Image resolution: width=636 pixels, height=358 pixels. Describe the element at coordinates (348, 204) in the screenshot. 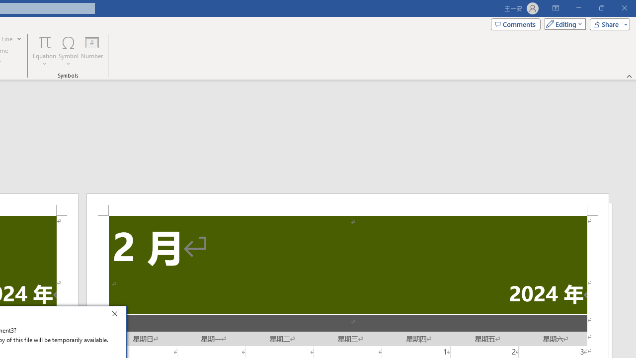

I see `'Header -Section 2-'` at that location.